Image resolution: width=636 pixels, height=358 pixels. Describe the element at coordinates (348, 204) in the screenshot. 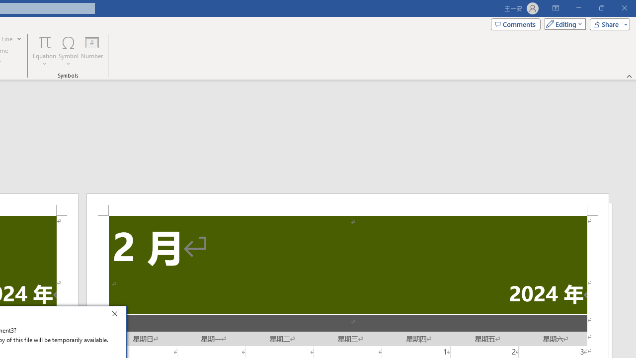

I see `'Header -Section 2-'` at that location.